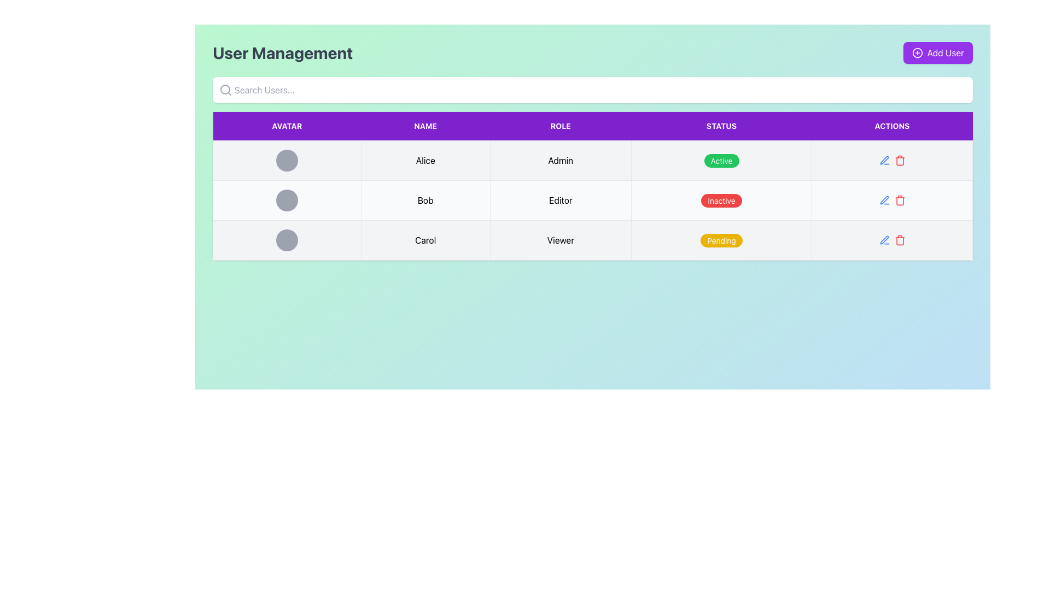 This screenshot has height=590, width=1050. Describe the element at coordinates (721, 239) in the screenshot. I see `the yellow oval button labeled 'Pending' in the 'STATUS' column of the table row for 'Carol' under the 'Viewer' section` at that location.